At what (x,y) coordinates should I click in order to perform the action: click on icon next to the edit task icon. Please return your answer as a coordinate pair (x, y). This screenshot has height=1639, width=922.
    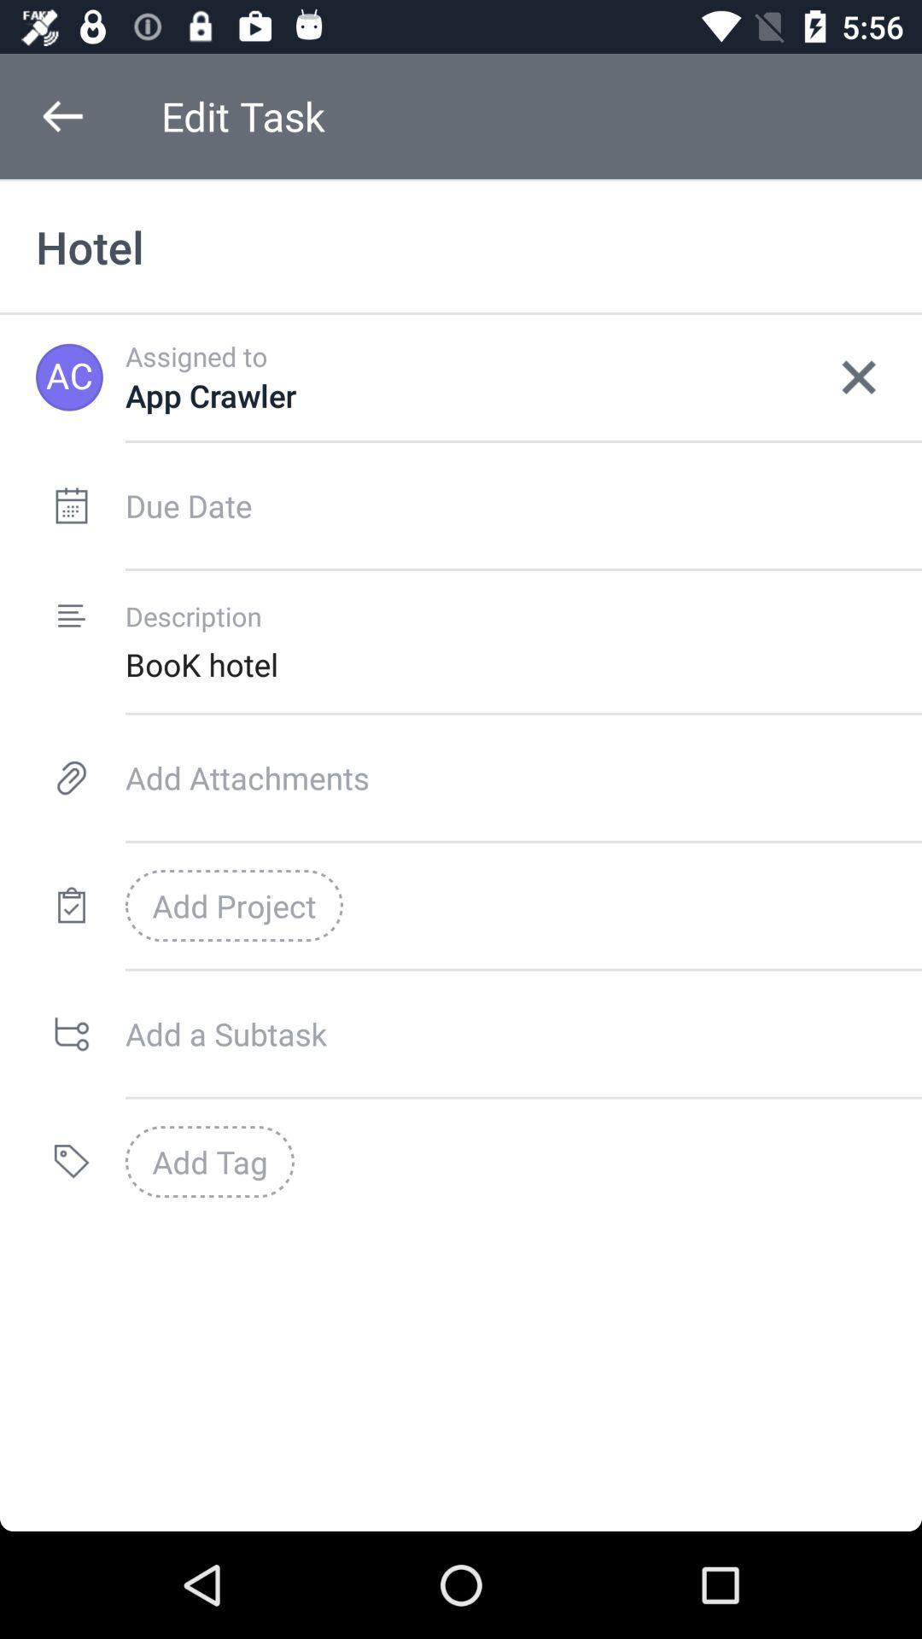
    Looking at the image, I should click on (61, 115).